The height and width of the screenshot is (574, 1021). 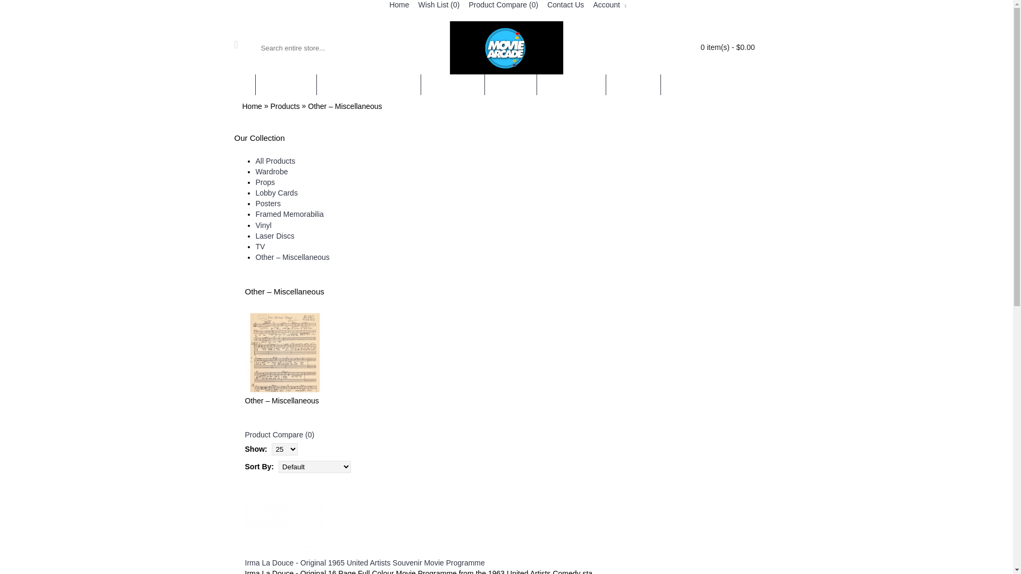 What do you see at coordinates (506, 47) in the screenshot?
I see `'Movie Arcade'` at bounding box center [506, 47].